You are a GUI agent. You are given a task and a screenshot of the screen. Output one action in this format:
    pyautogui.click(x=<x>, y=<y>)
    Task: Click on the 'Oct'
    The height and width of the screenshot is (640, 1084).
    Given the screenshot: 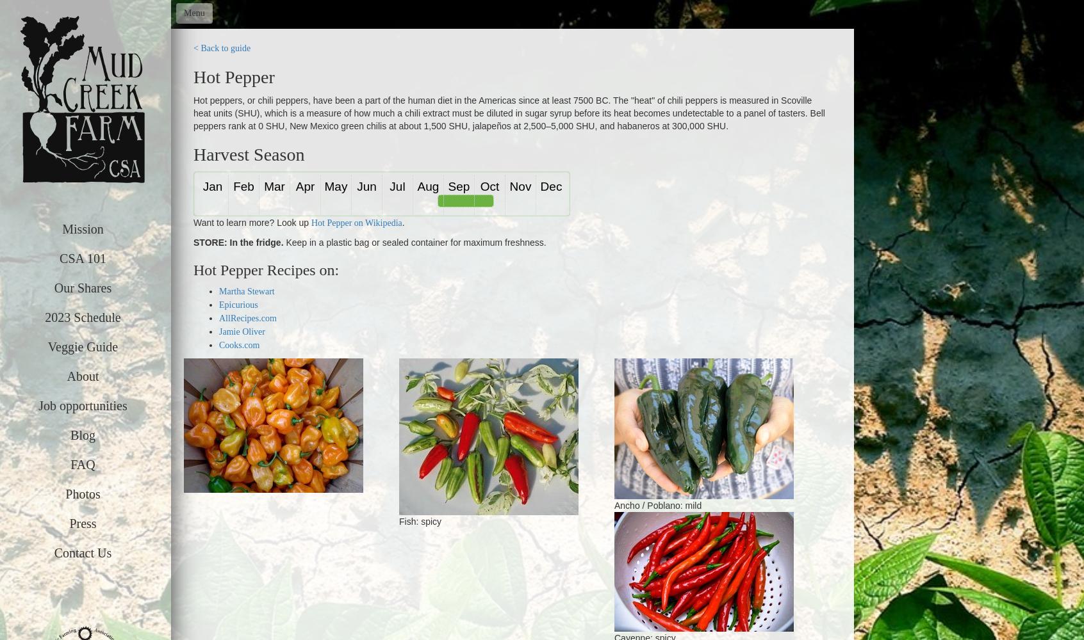 What is the action you would take?
    pyautogui.click(x=488, y=186)
    